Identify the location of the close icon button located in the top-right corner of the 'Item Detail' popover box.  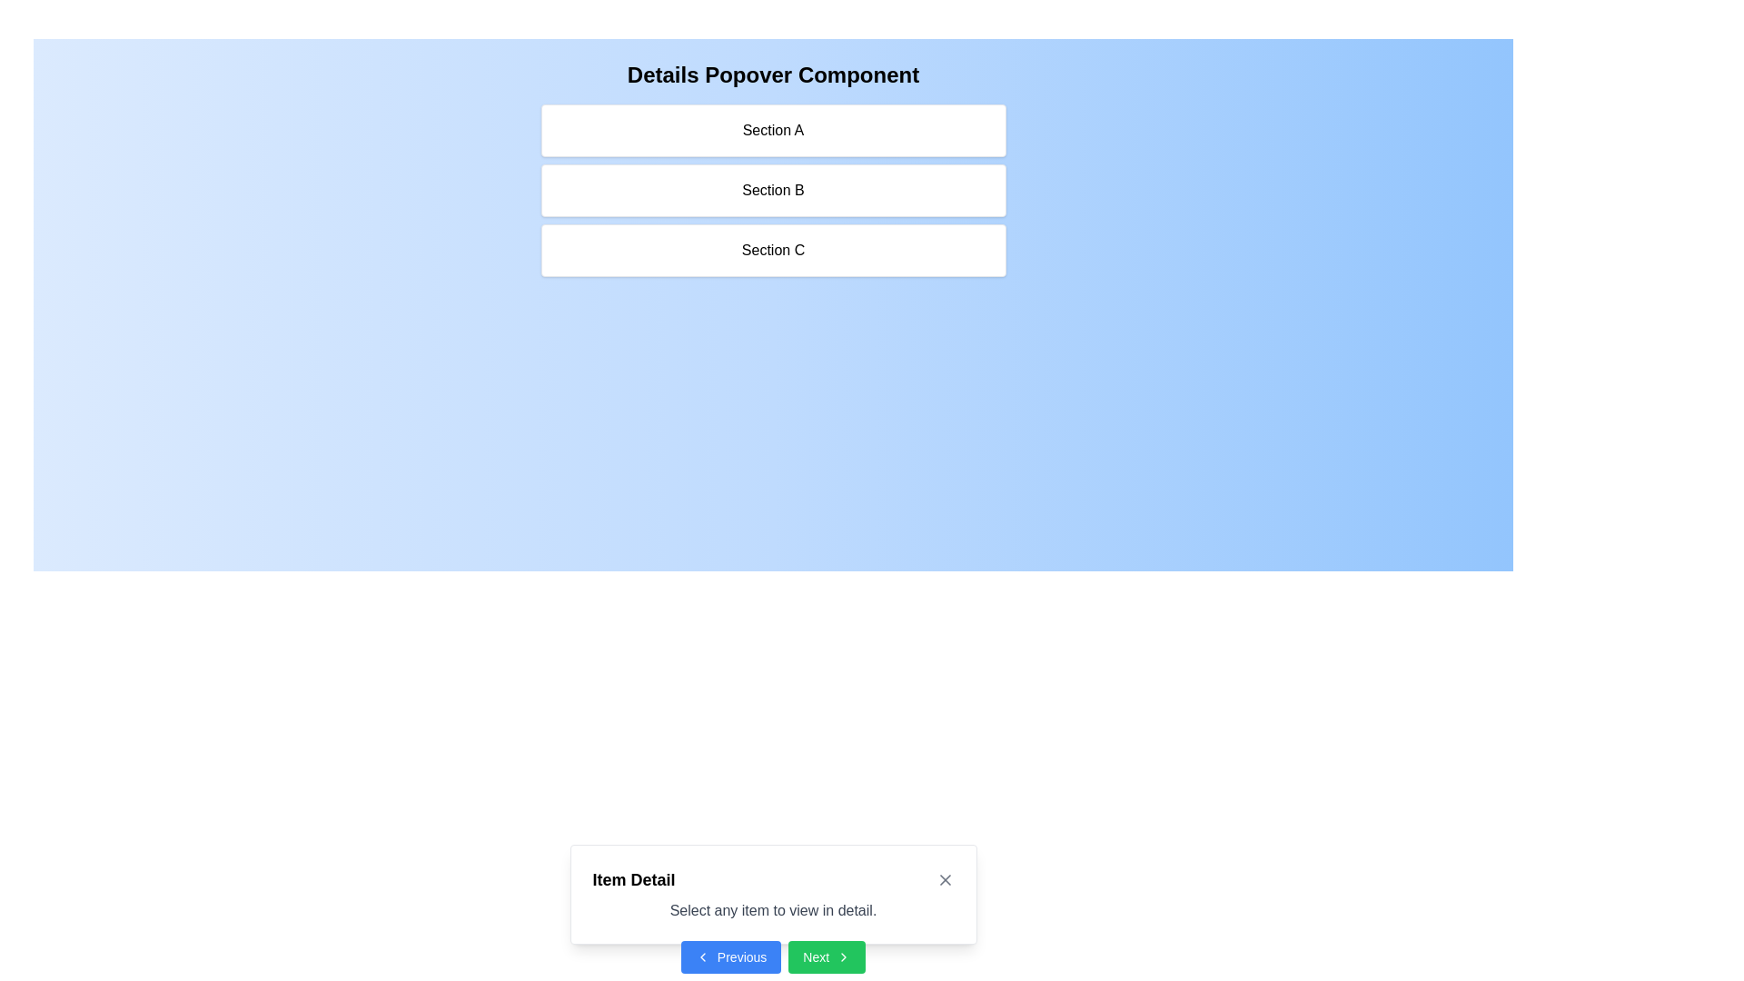
(945, 878).